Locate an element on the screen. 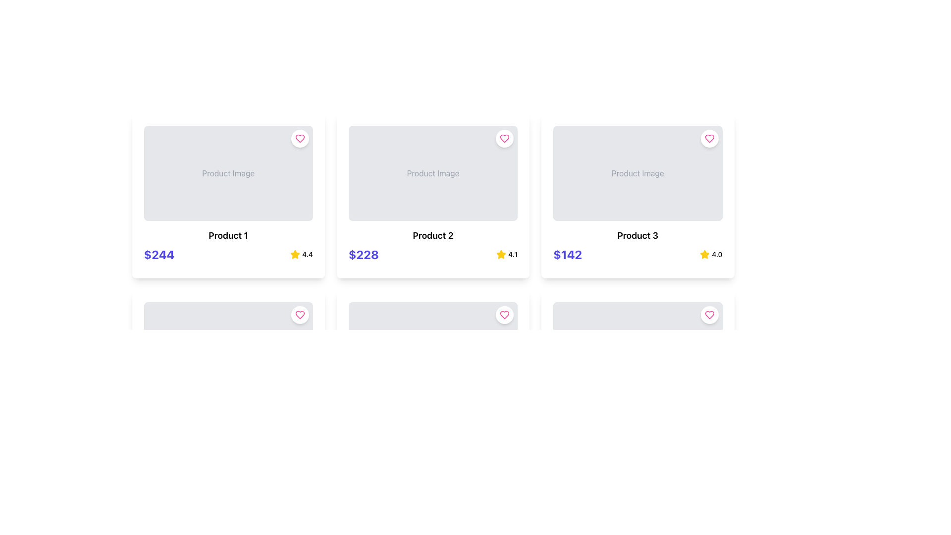 The image size is (951, 535). the text label displaying '4.4', which is styled in a small, bold font and positioned next to a yellow star icon, indicating its function as a rating indicator is located at coordinates (307, 254).